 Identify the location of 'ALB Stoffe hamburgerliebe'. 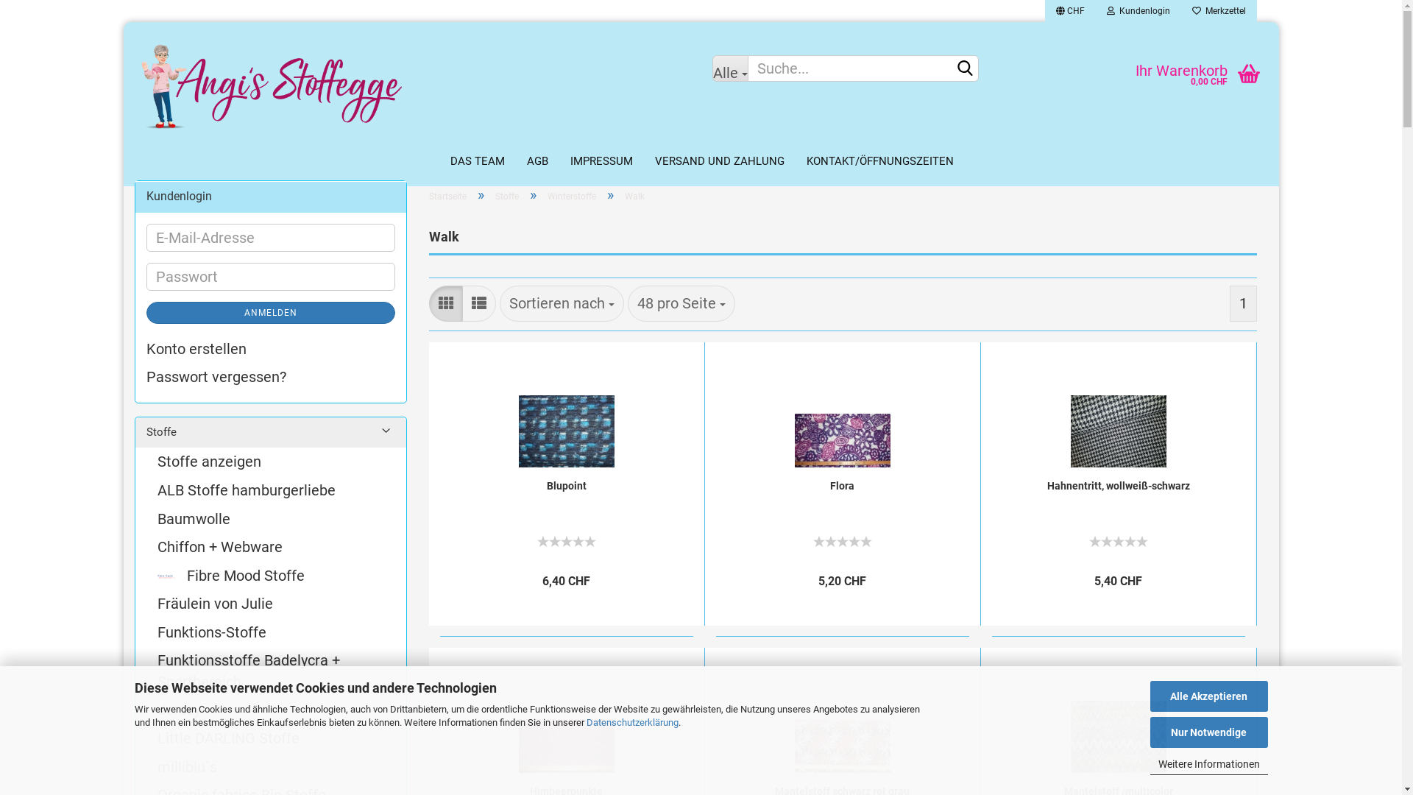
(271, 490).